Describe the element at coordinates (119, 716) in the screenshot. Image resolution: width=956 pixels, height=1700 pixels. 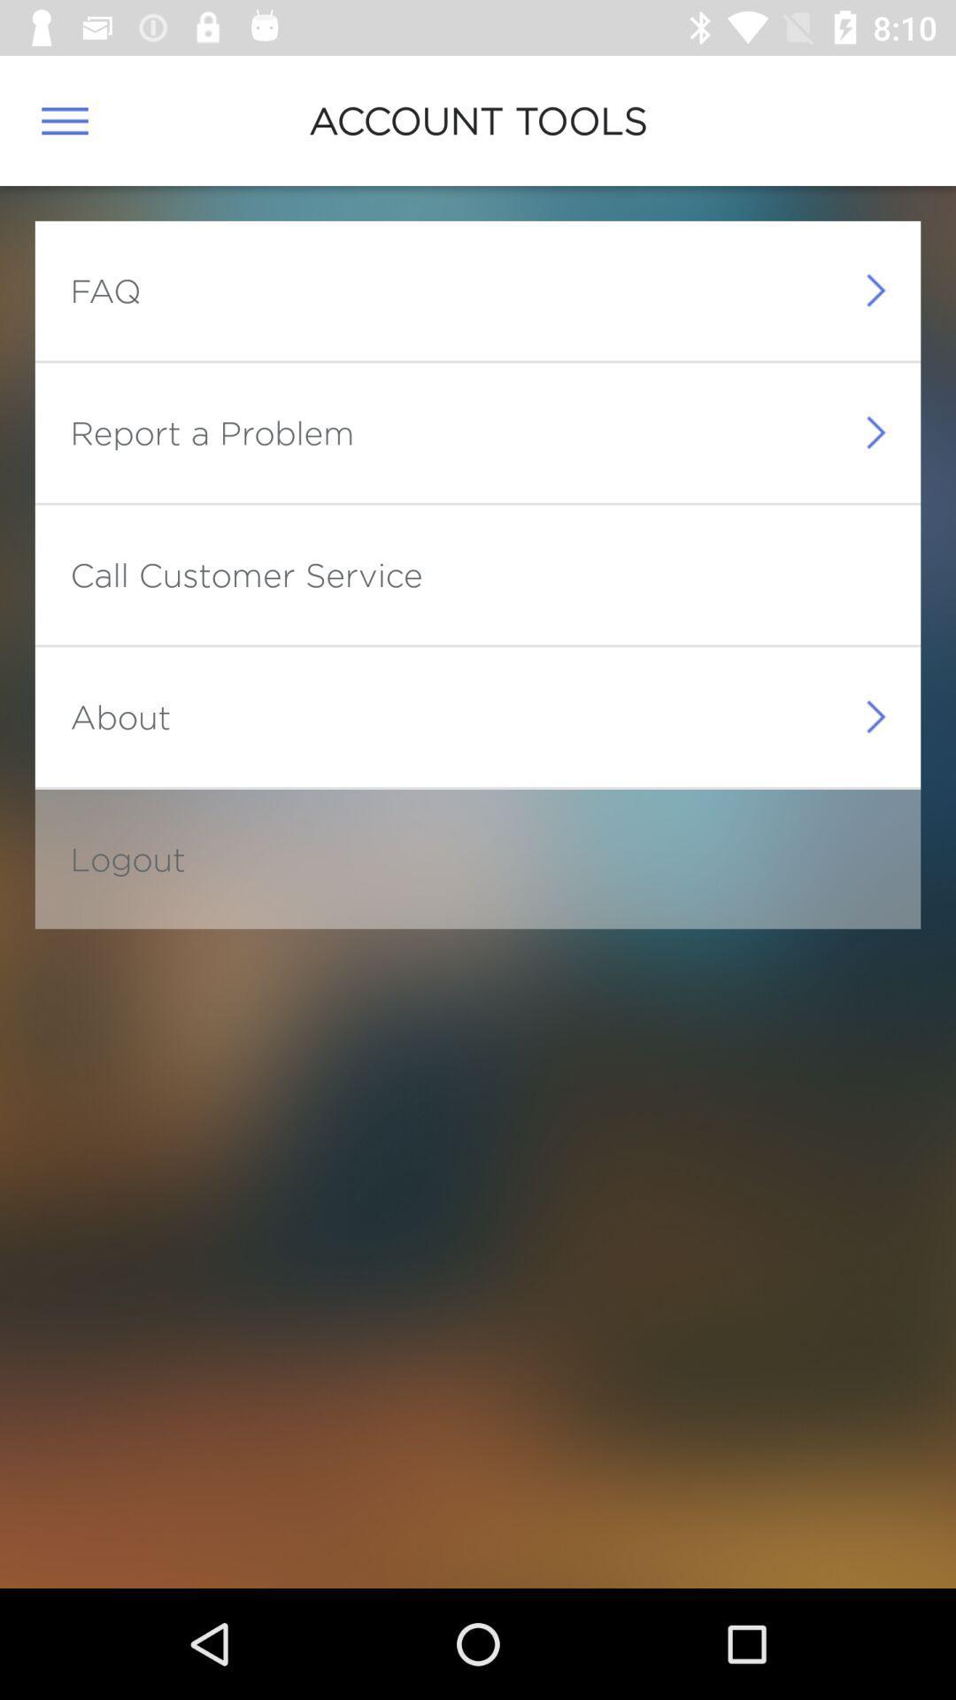
I see `the item above the logout app` at that location.